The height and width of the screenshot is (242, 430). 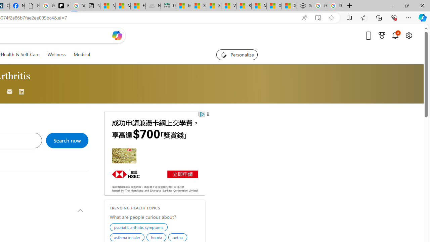 What do you see at coordinates (56, 54) in the screenshot?
I see `'Wellness'` at bounding box center [56, 54].